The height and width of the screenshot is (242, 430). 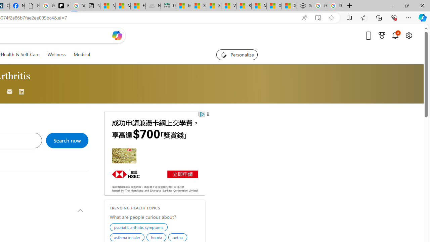 What do you see at coordinates (56, 54) in the screenshot?
I see `'Wellness'` at bounding box center [56, 54].